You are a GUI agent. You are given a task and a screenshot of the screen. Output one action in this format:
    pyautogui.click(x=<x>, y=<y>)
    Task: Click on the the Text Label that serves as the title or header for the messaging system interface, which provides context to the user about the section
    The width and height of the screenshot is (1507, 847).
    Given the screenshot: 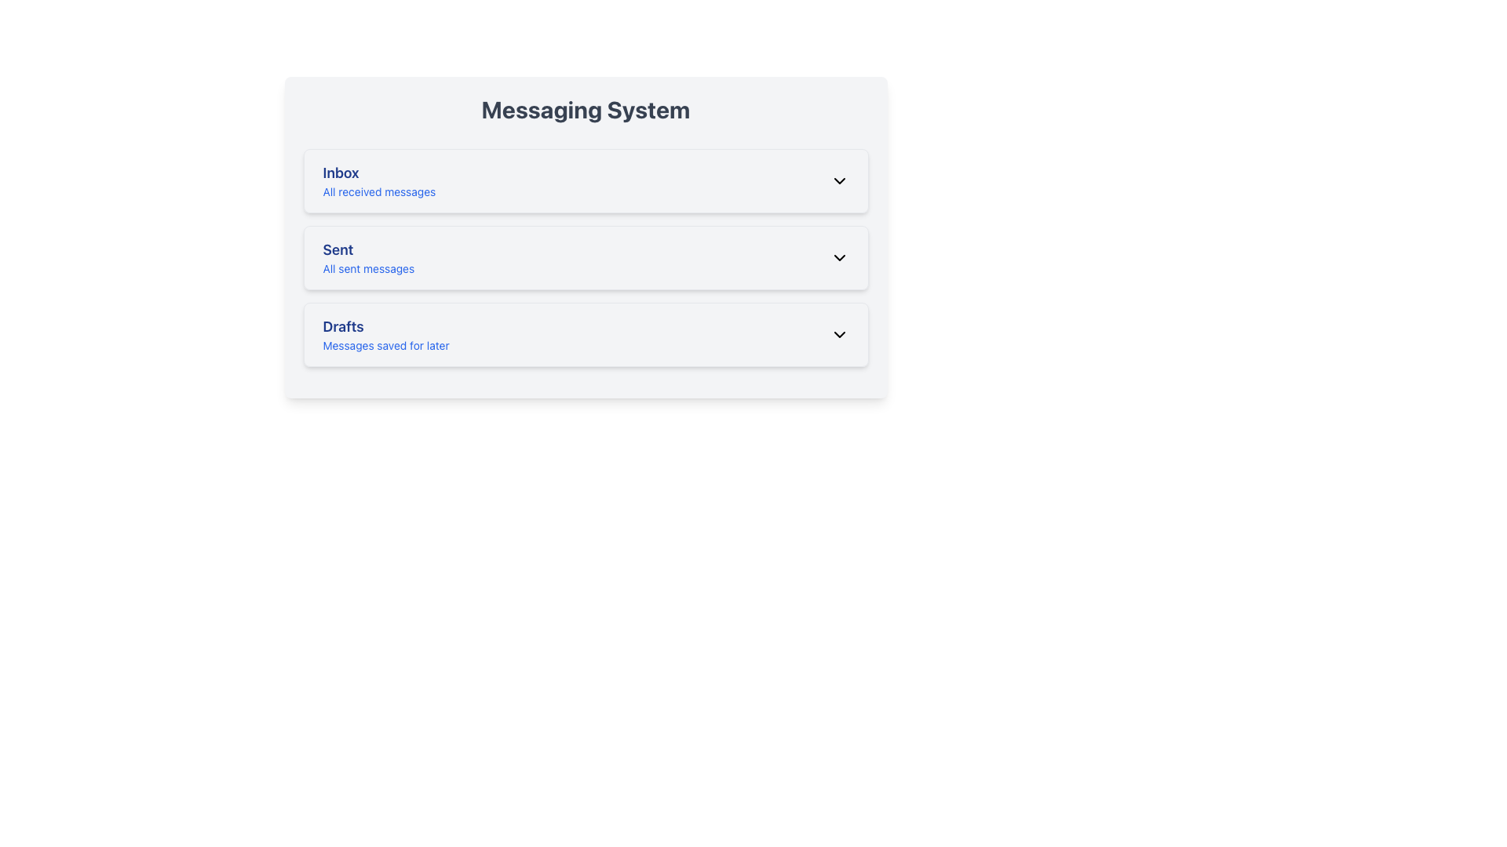 What is the action you would take?
    pyautogui.click(x=585, y=108)
    